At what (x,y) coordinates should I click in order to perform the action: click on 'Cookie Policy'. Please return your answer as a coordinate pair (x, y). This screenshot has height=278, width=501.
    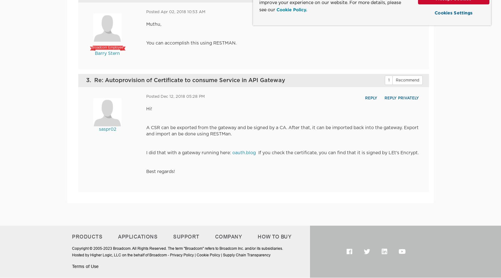
    Looking at the image, I should click on (208, 255).